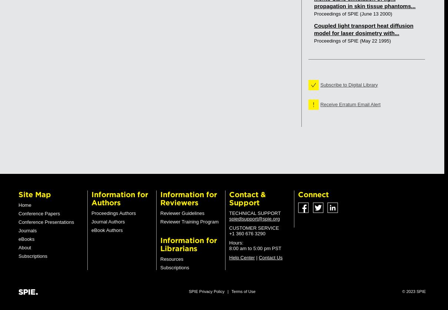 This screenshot has height=310, width=448. I want to click on '+1 360 676 3290', so click(229, 233).